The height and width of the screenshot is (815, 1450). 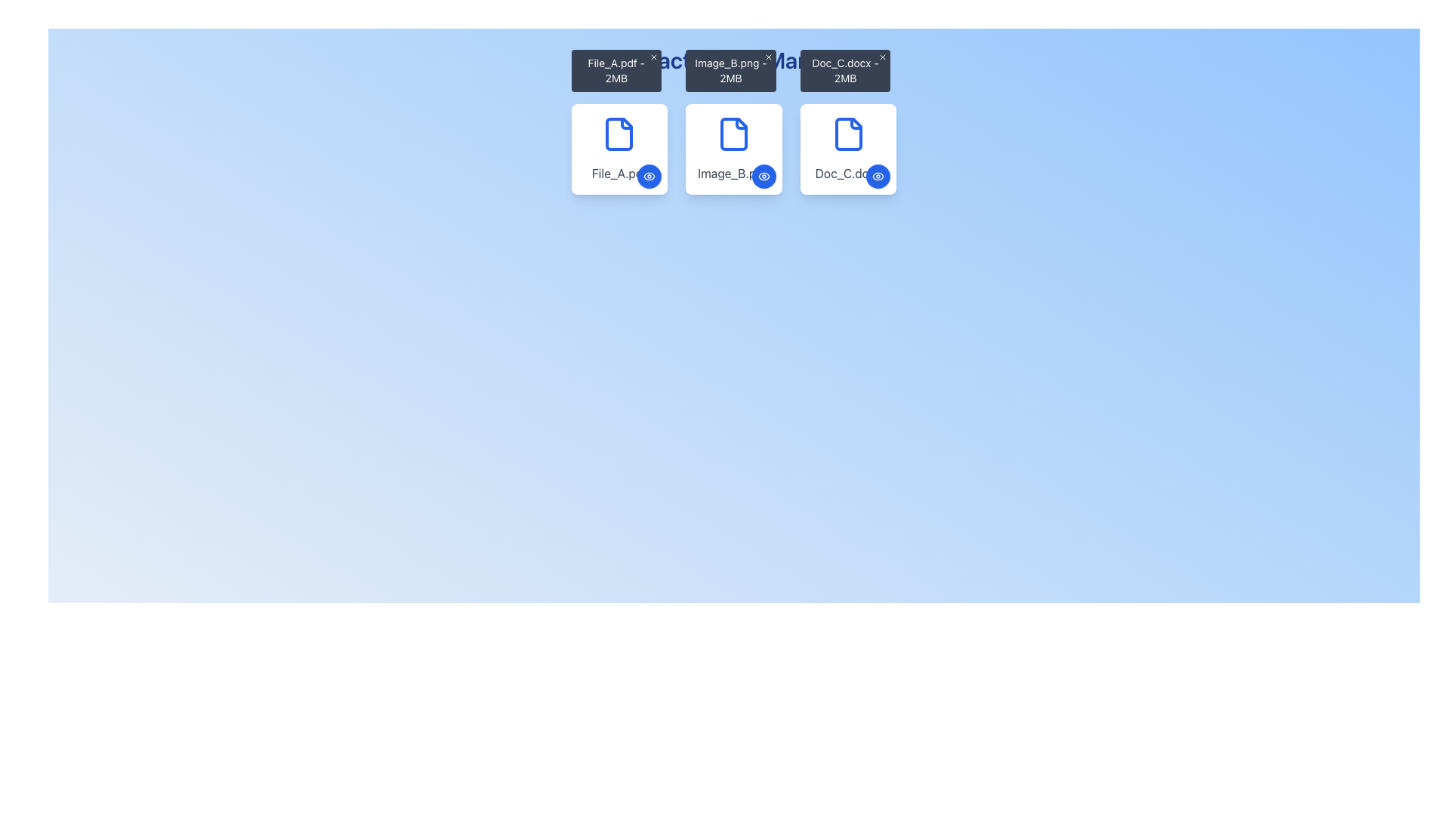 What do you see at coordinates (733, 133) in the screenshot?
I see `the file icon represented by a blue rectangle with a folded top-right corner, located within the card labeled 'Image_B.png'` at bounding box center [733, 133].